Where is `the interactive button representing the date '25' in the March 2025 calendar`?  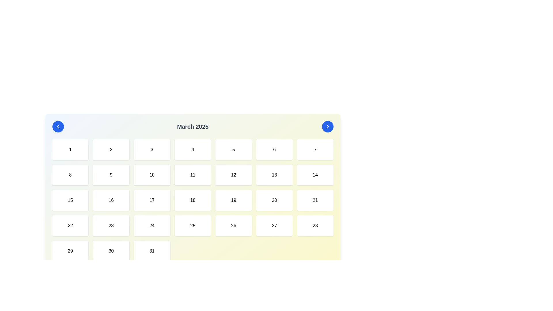
the interactive button representing the date '25' in the March 2025 calendar is located at coordinates (193, 225).